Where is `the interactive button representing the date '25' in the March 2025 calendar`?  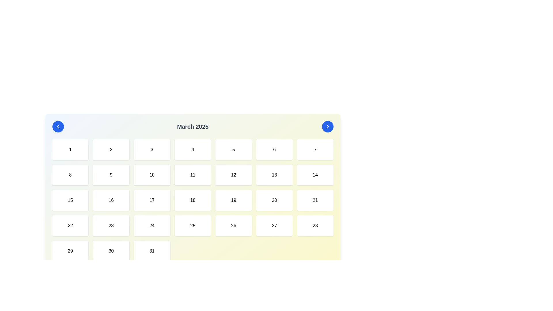
the interactive button representing the date '25' in the March 2025 calendar is located at coordinates (193, 225).